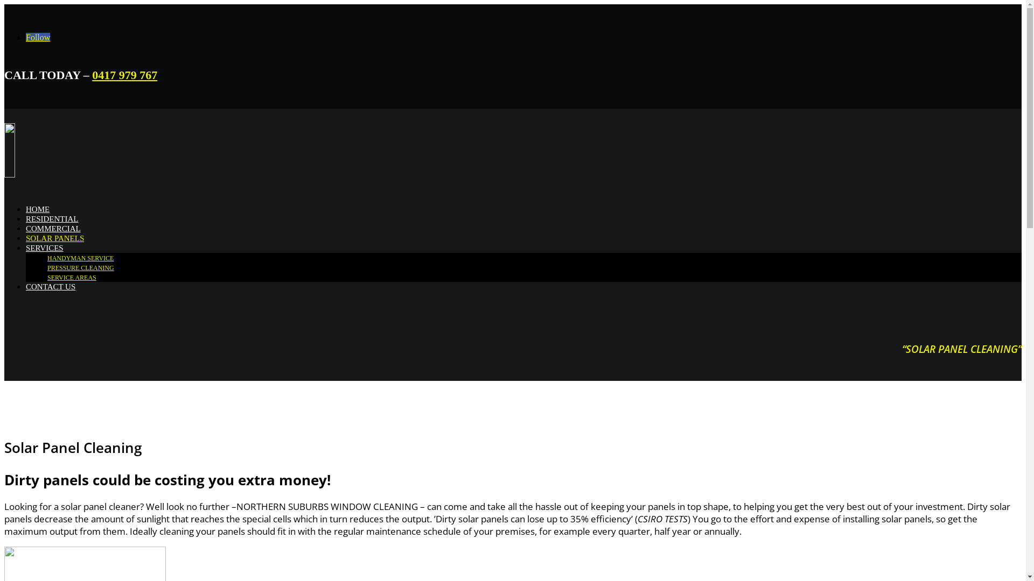  What do you see at coordinates (53, 228) in the screenshot?
I see `'COMMERCIAL'` at bounding box center [53, 228].